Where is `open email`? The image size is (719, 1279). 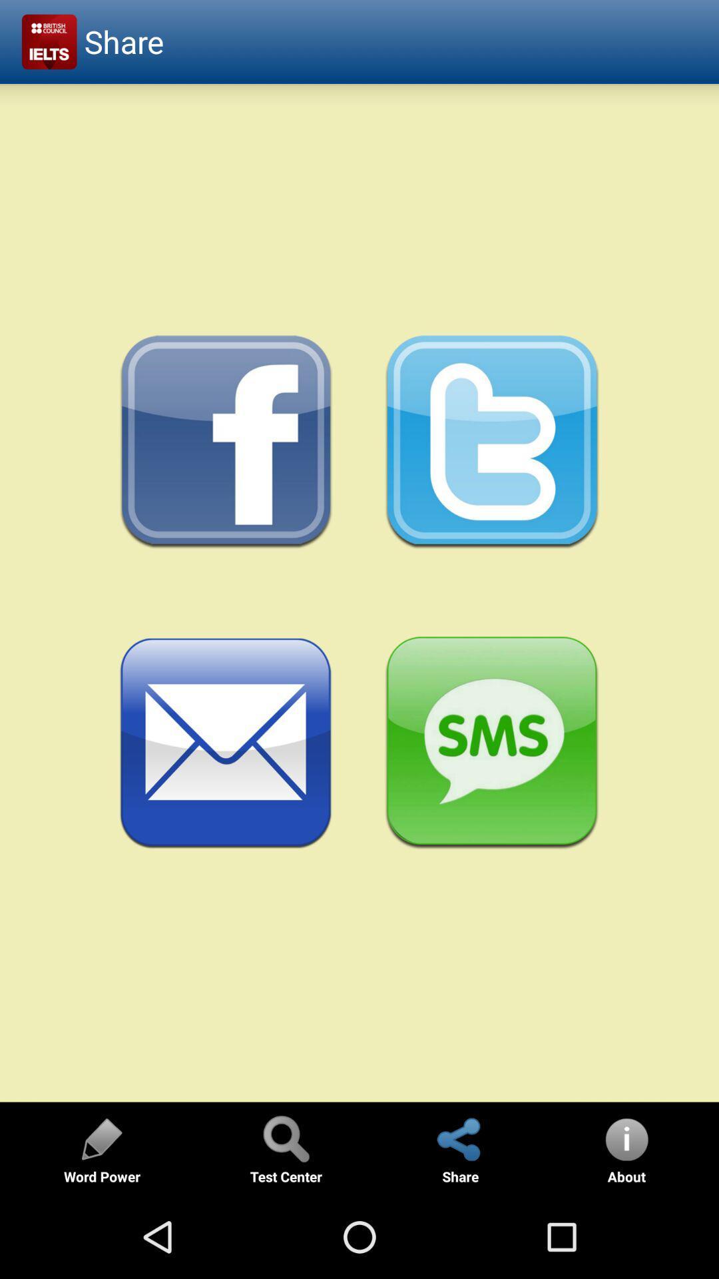
open email is located at coordinates (226, 743).